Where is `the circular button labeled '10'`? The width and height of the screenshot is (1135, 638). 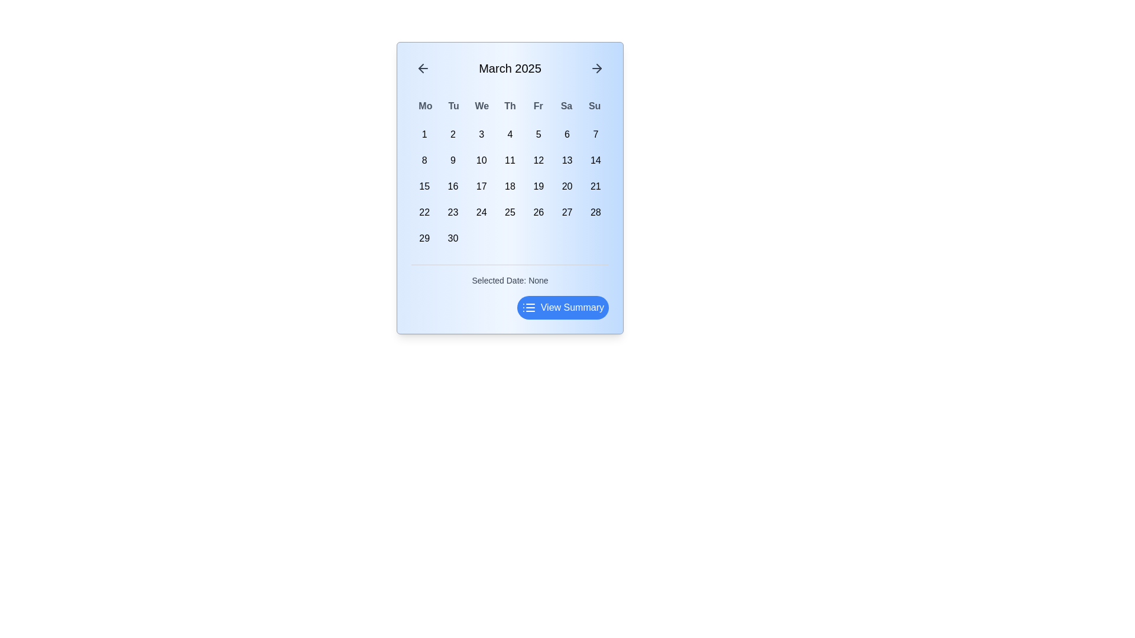 the circular button labeled '10' is located at coordinates (481, 161).